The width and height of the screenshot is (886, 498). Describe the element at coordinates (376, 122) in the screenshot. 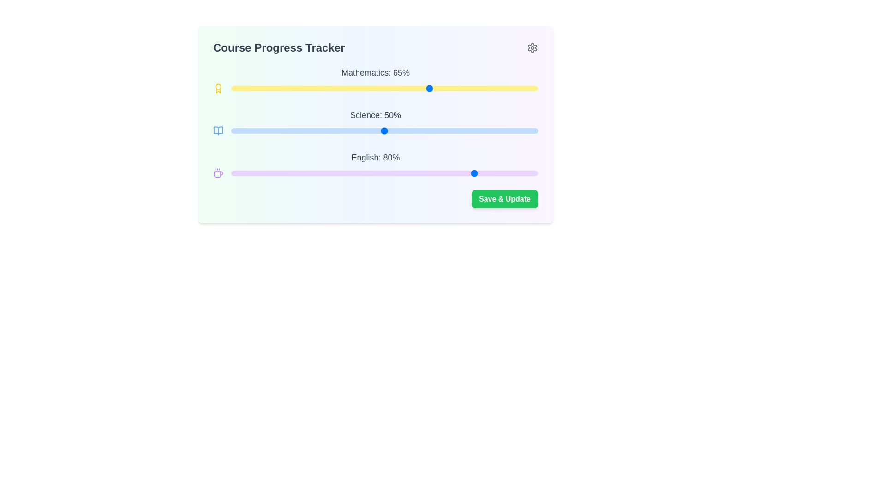

I see `contextual information about the Science progress indicator displaying 'Science: 50%' with a blue progress slider and an open book icon` at that location.